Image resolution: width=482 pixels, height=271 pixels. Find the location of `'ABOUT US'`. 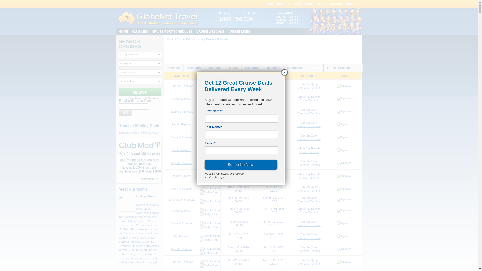

'ABOUT US' is located at coordinates (283, 4).